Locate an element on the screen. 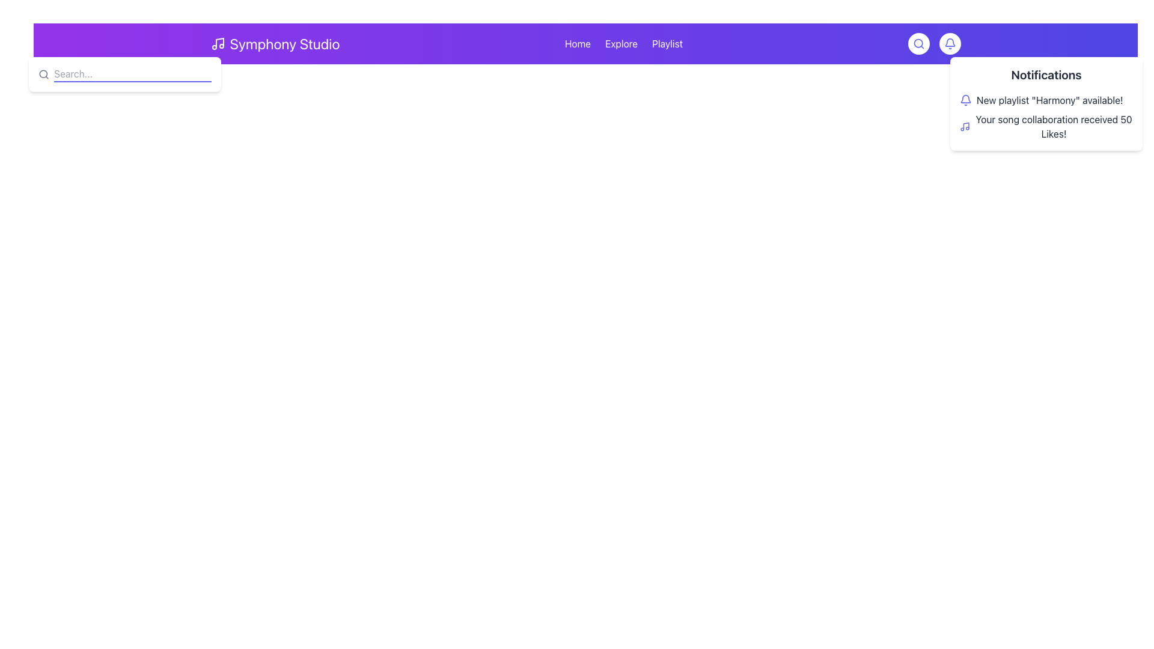 Image resolution: width=1154 pixels, height=649 pixels. the hyperlink located in the center of the top purple navigation bar, which directs users to the 'Explore' section is located at coordinates (621, 43).